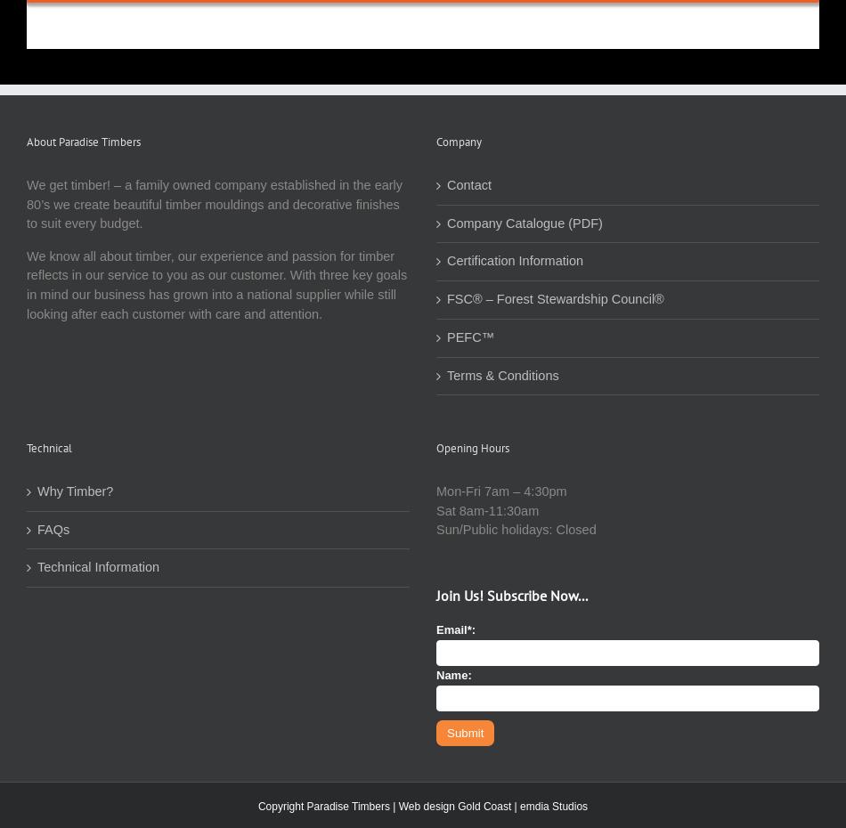 This screenshot has height=828, width=846. Describe the element at coordinates (216, 283) in the screenshot. I see `'We know all about timber, our experience and passion for timber reflects in our service to you as our customer. With three key goals in mind our business has grown into a national supplier while still looking after each customer with care and attention.'` at that location.